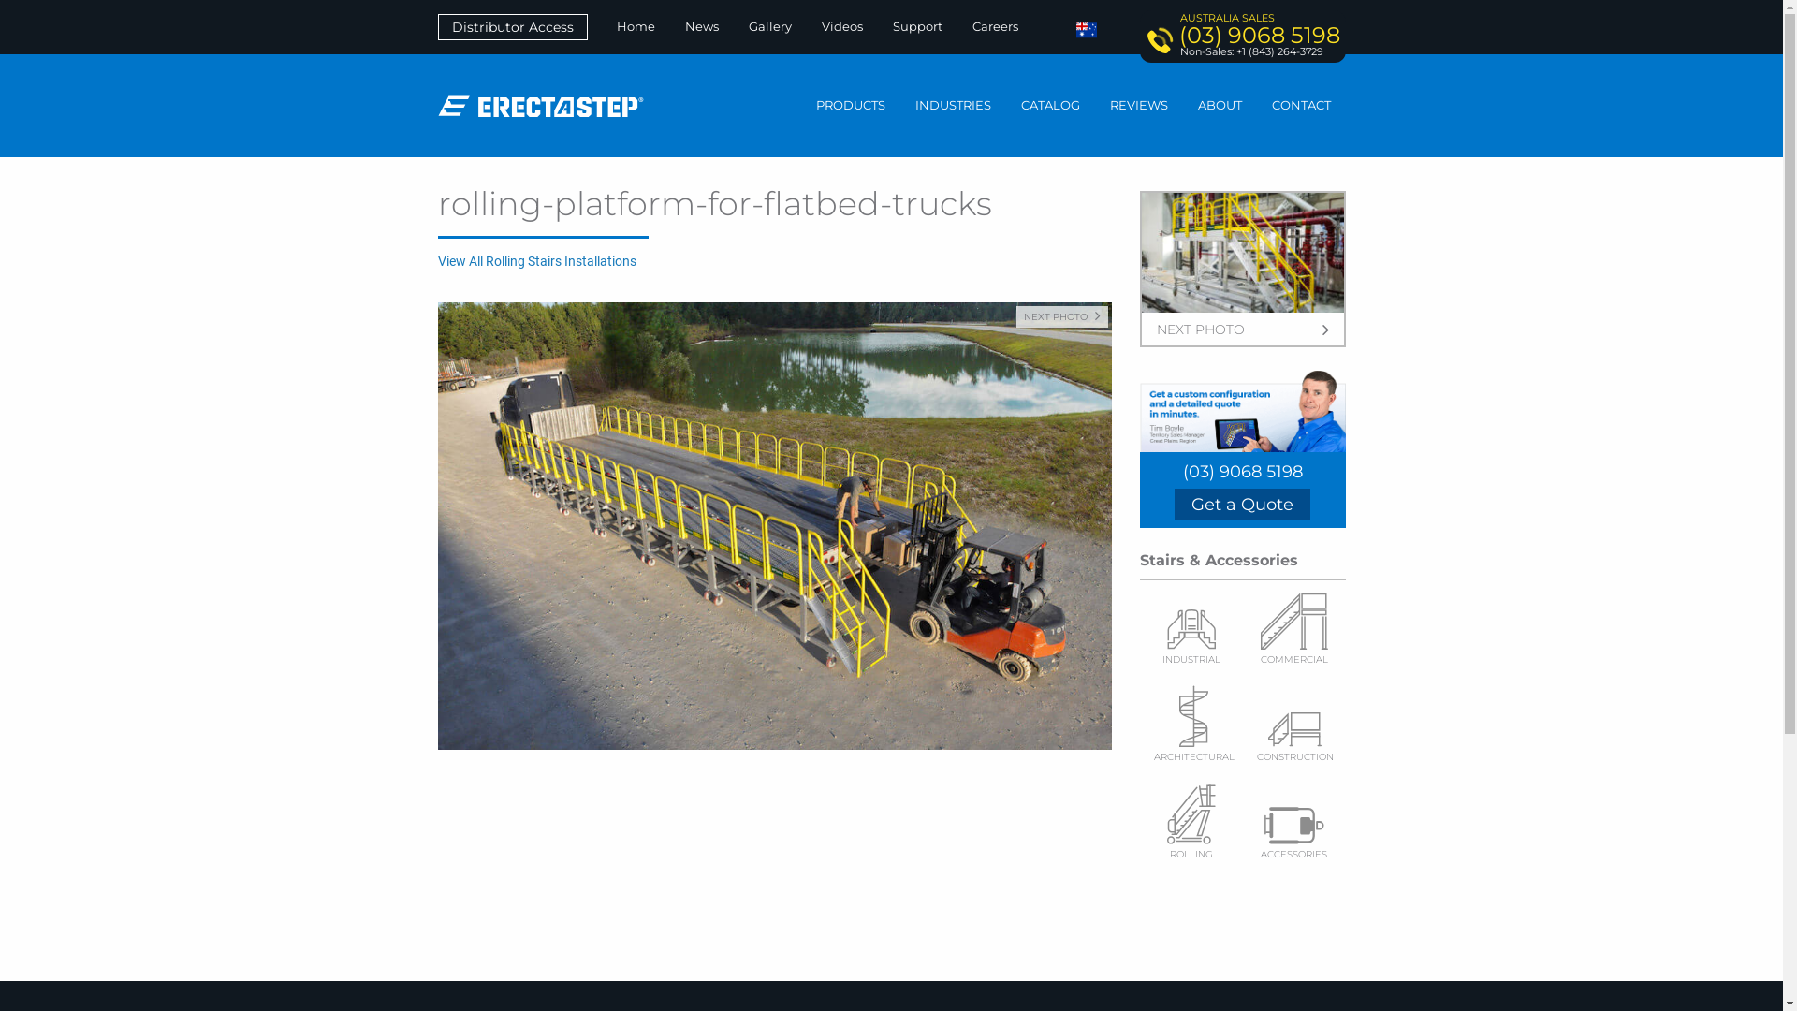 The width and height of the screenshot is (1797, 1011). I want to click on 'View All Rolling Stairs Installations', so click(536, 260).